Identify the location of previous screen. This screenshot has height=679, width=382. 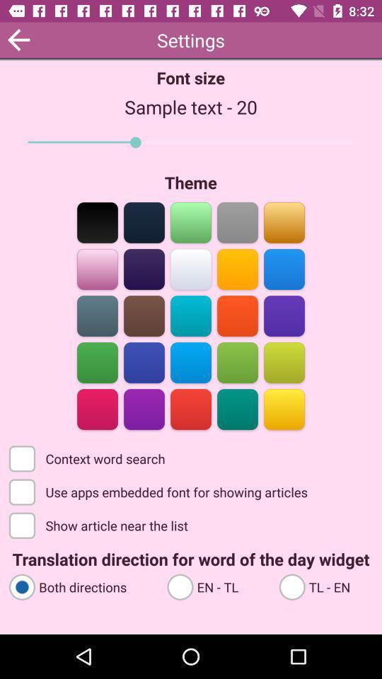
(18, 39).